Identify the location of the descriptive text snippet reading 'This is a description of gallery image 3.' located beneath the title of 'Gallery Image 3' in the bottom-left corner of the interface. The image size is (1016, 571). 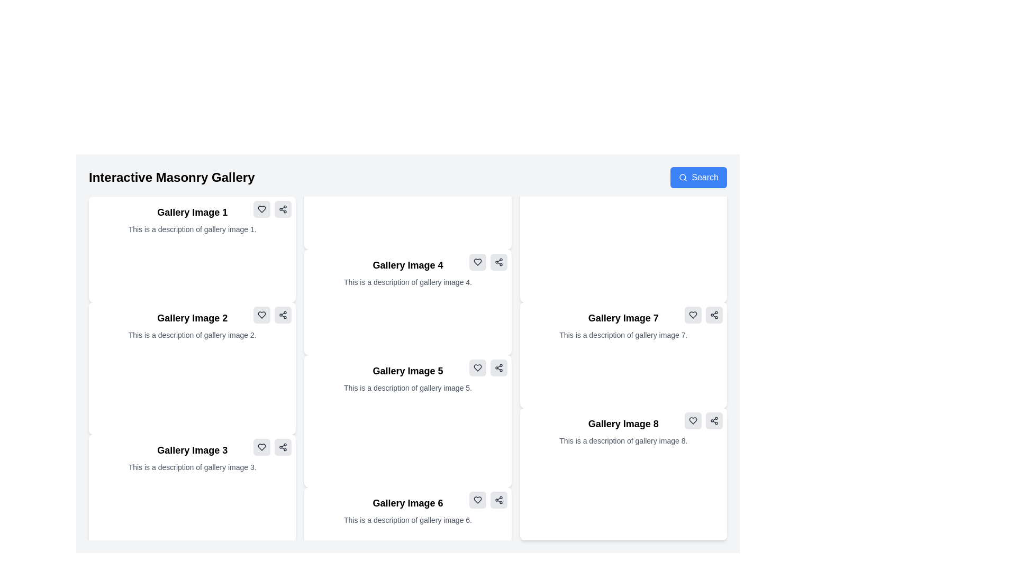
(192, 466).